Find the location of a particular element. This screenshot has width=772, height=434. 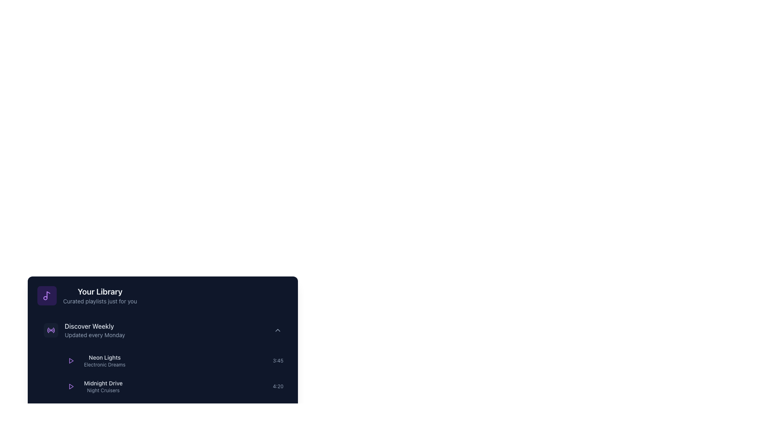

the second song entry in the 'Your Library' section to play the song is located at coordinates (173, 386).